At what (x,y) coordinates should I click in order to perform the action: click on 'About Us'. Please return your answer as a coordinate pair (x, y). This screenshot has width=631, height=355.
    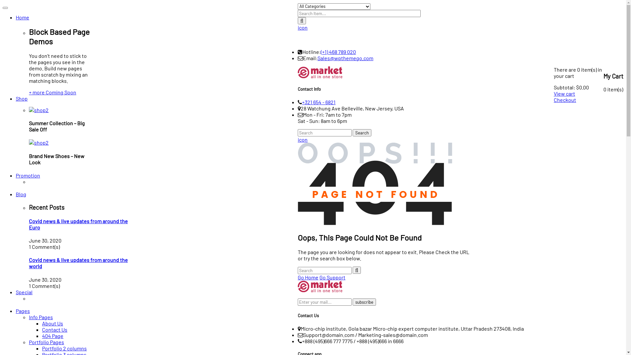
    Looking at the image, I should click on (42, 323).